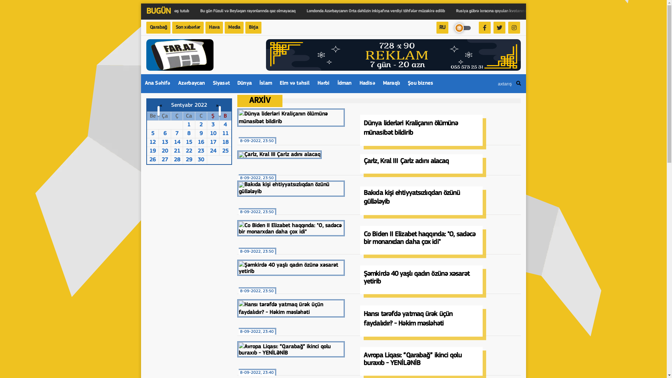 The width and height of the screenshot is (672, 378). Describe the element at coordinates (187, 133) in the screenshot. I see `'8'` at that location.